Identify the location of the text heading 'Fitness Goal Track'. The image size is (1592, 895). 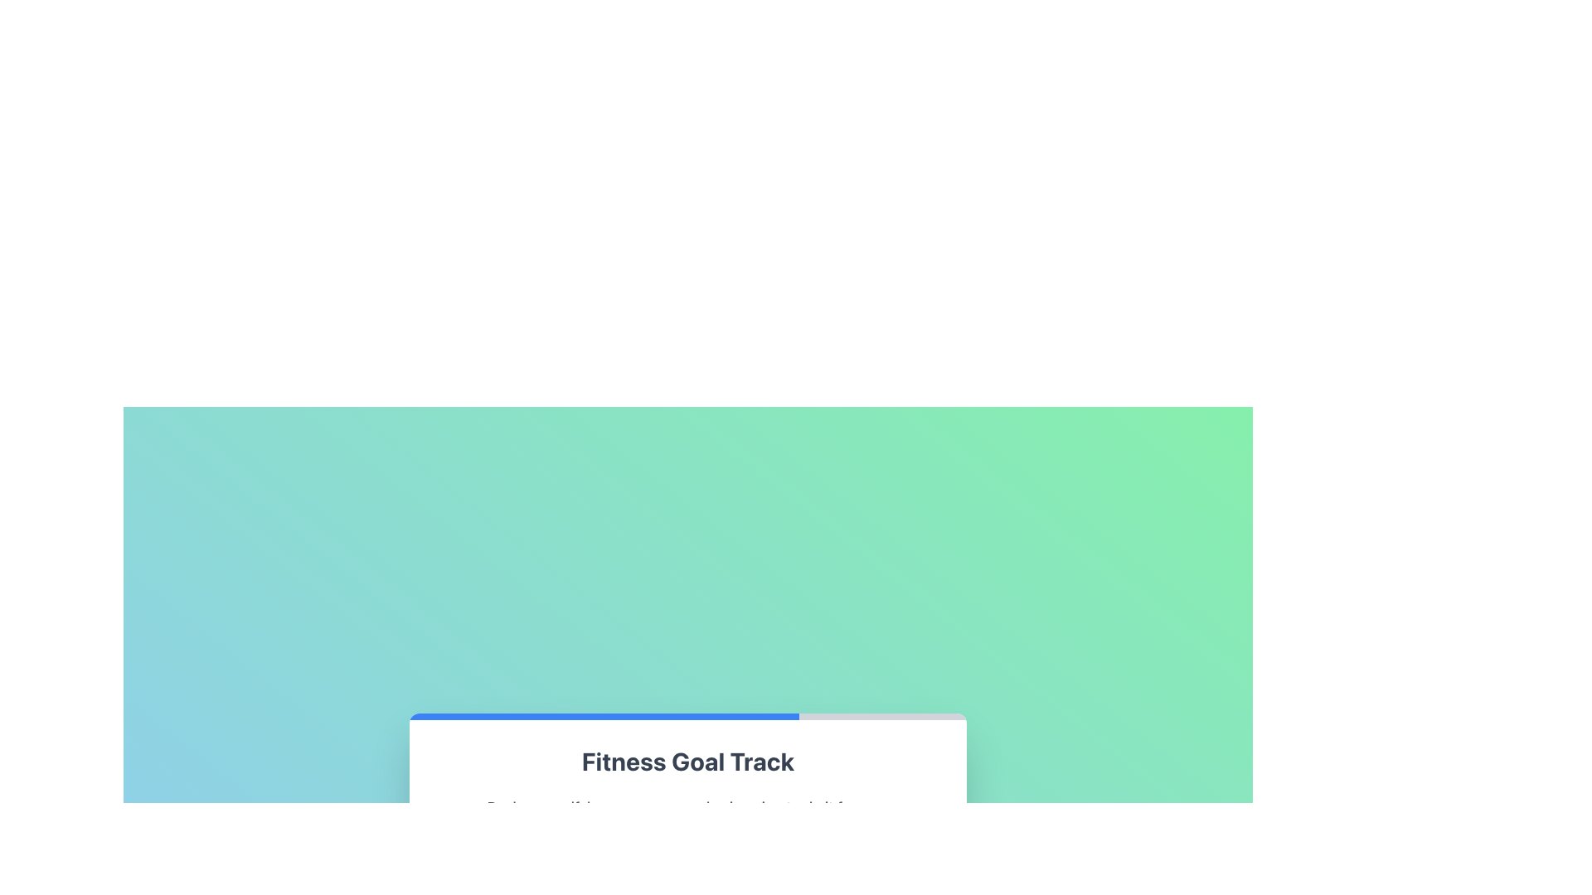
(688, 761).